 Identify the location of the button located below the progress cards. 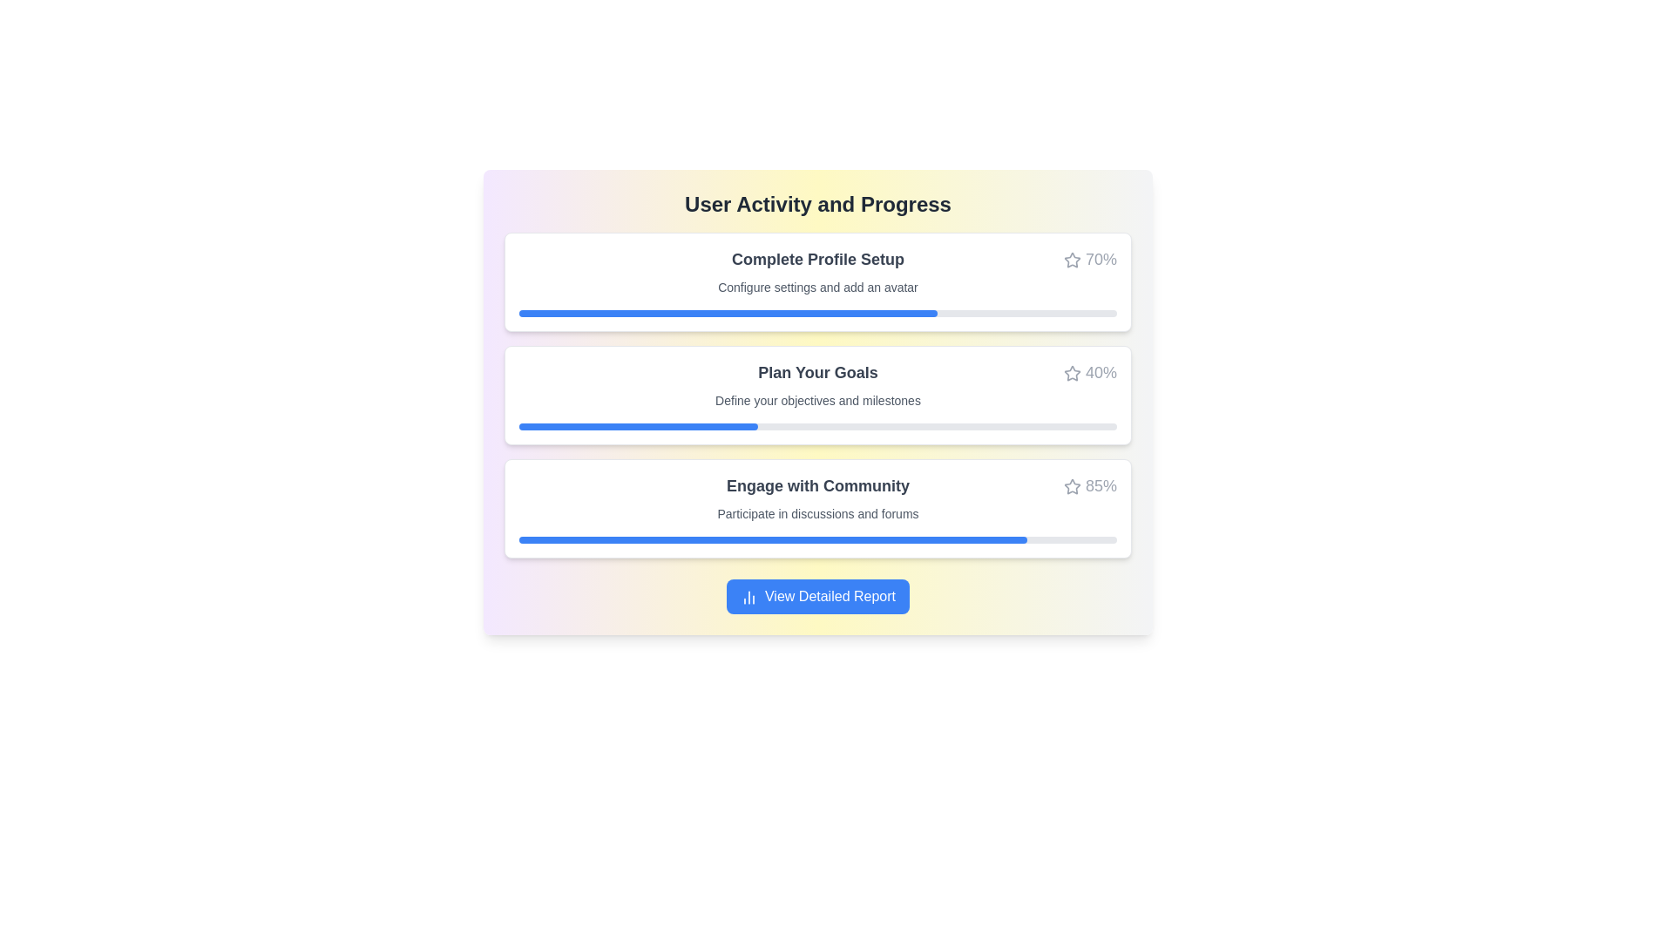
(817, 596).